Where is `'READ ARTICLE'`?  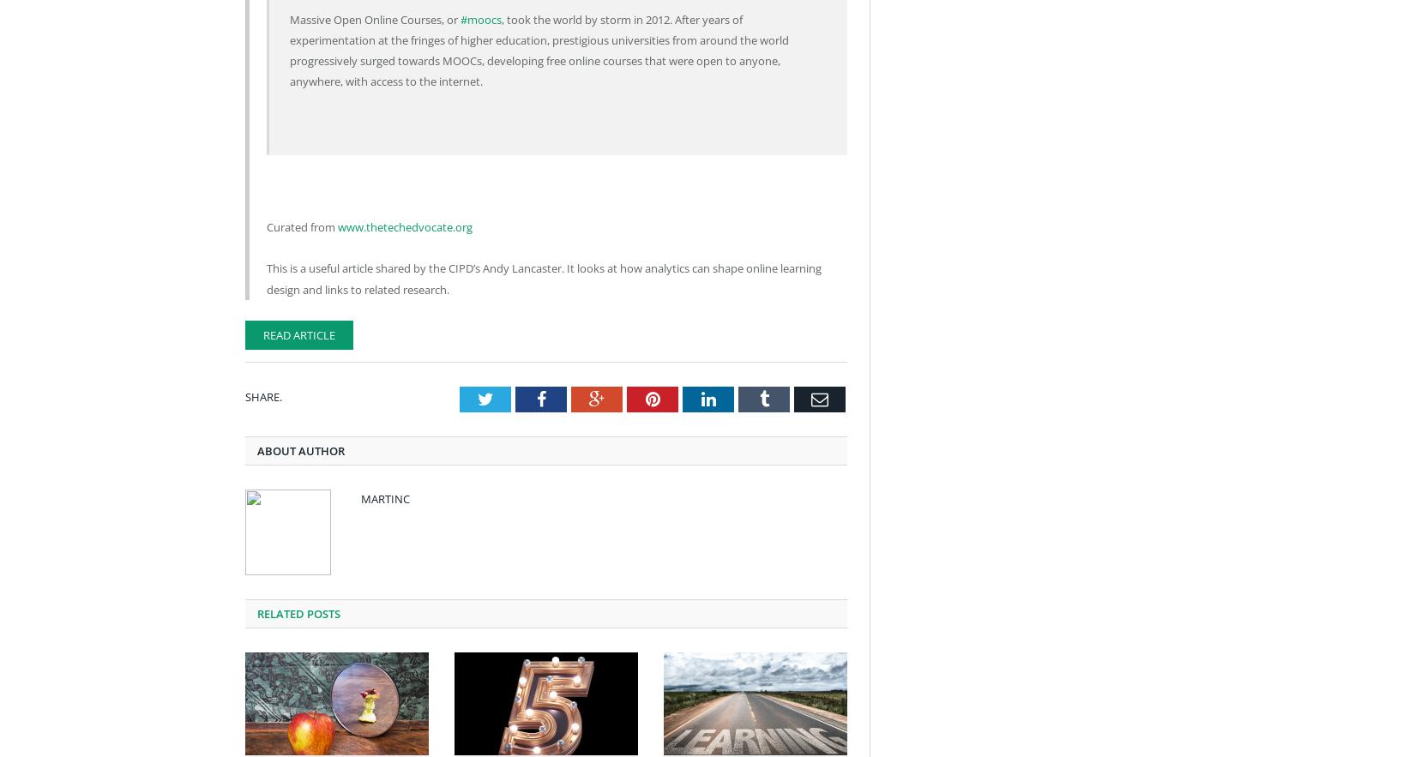 'READ ARTICLE' is located at coordinates (263, 333).